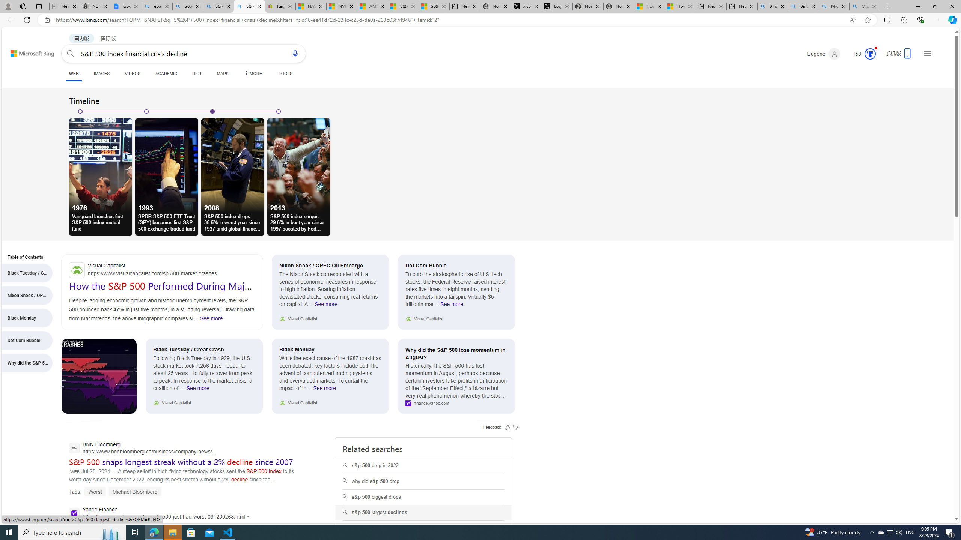 This screenshot has width=961, height=540. What do you see at coordinates (74, 74) in the screenshot?
I see `'WEB'` at bounding box center [74, 74].